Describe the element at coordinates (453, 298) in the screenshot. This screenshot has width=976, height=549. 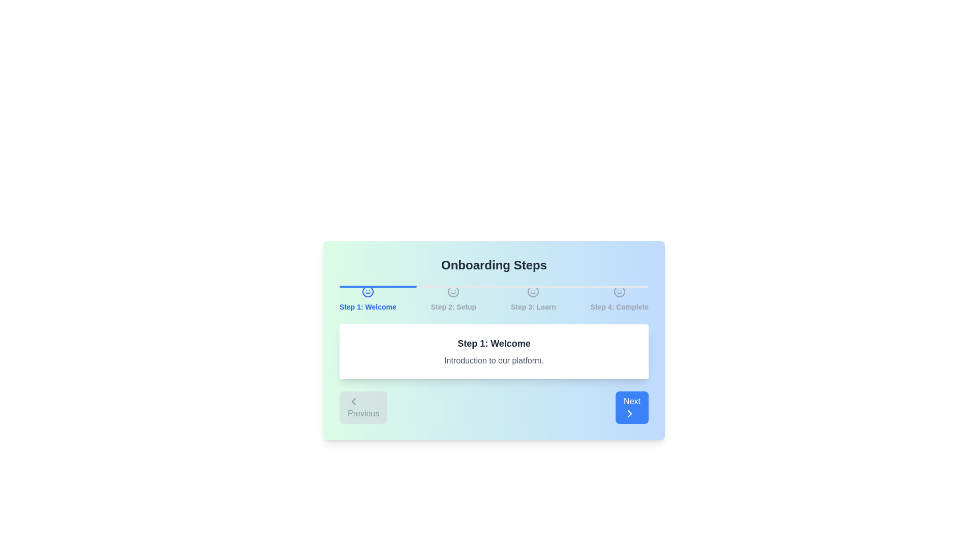
I see `the label 'Step 2: Setup' of the Progression step element, which features a smiling face icon above the bold text` at that location.